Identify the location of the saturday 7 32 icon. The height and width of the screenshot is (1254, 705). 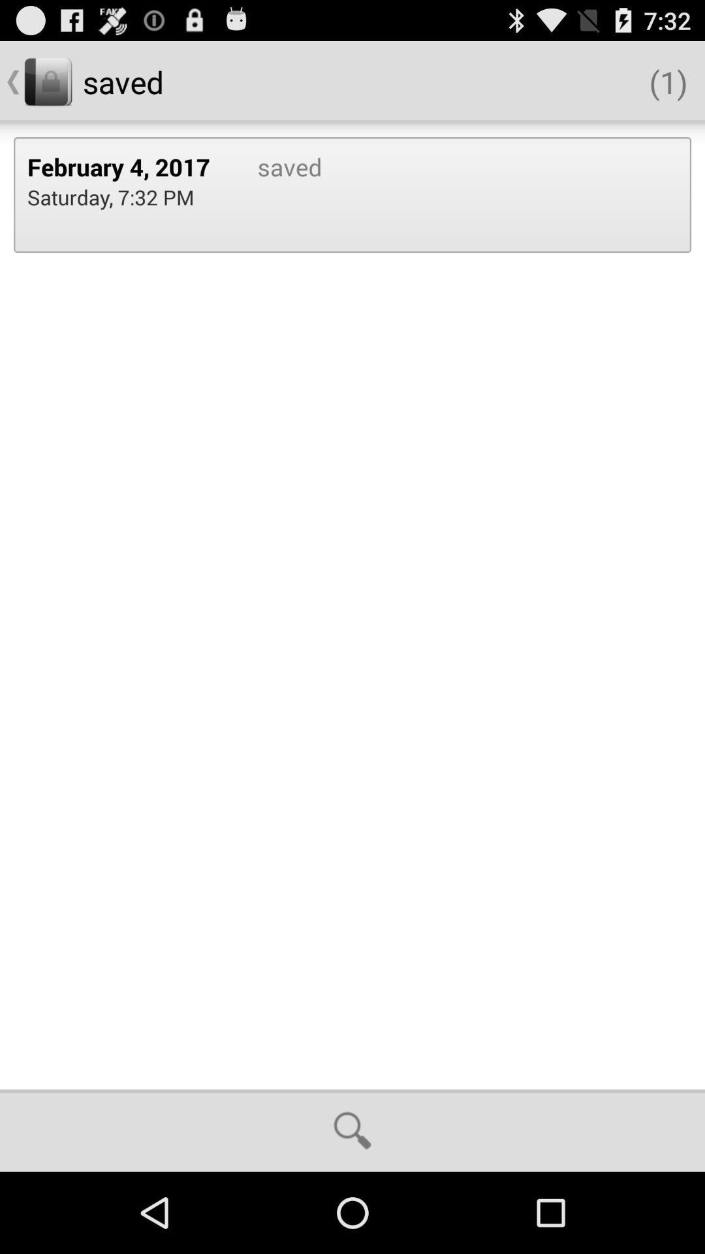
(110, 196).